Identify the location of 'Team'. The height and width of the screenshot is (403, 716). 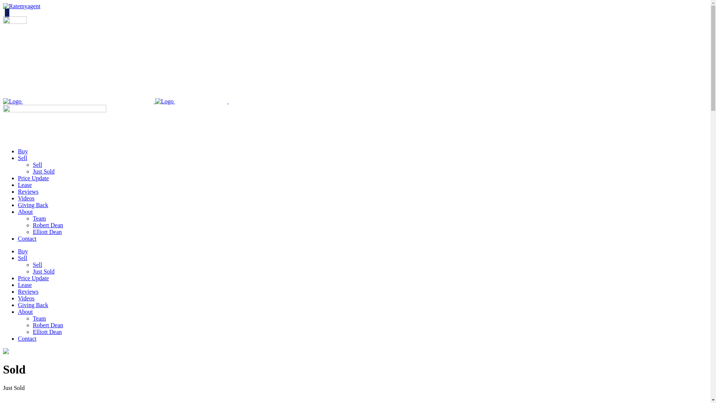
(32, 218).